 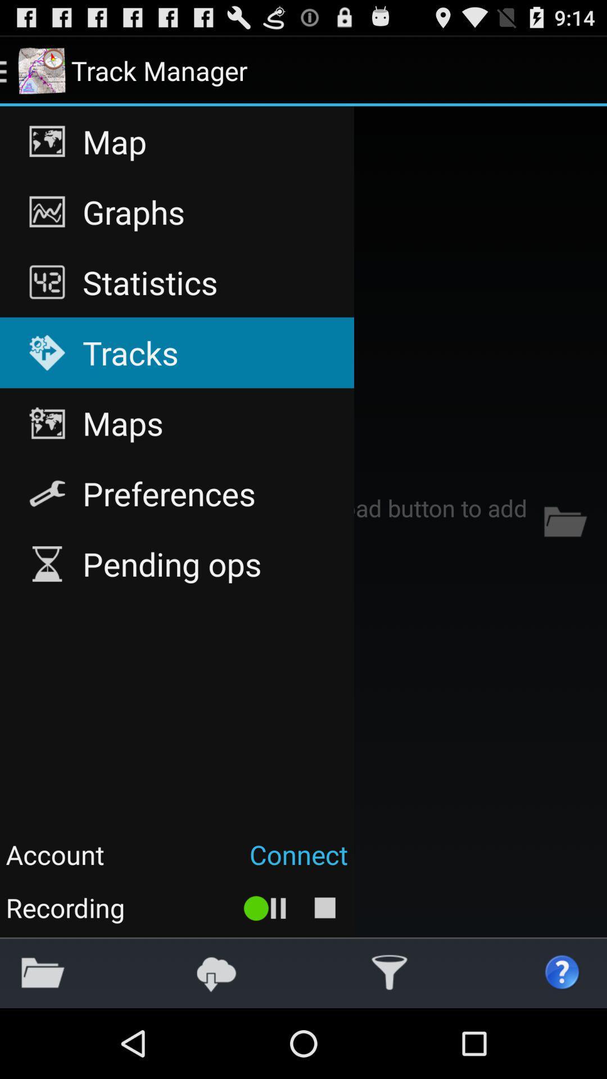 I want to click on the map item, so click(x=177, y=141).